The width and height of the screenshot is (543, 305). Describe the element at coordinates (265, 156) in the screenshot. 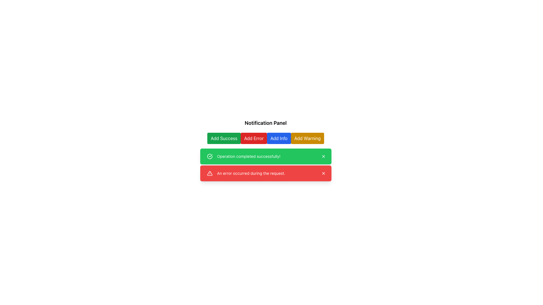

I see `confirmation message from the Notification Bar, which is the first in a vertically stacked list of notifications below the buttons labeled 'Add Success', 'Add Error', 'Add Info', and 'Add Warning'` at that location.